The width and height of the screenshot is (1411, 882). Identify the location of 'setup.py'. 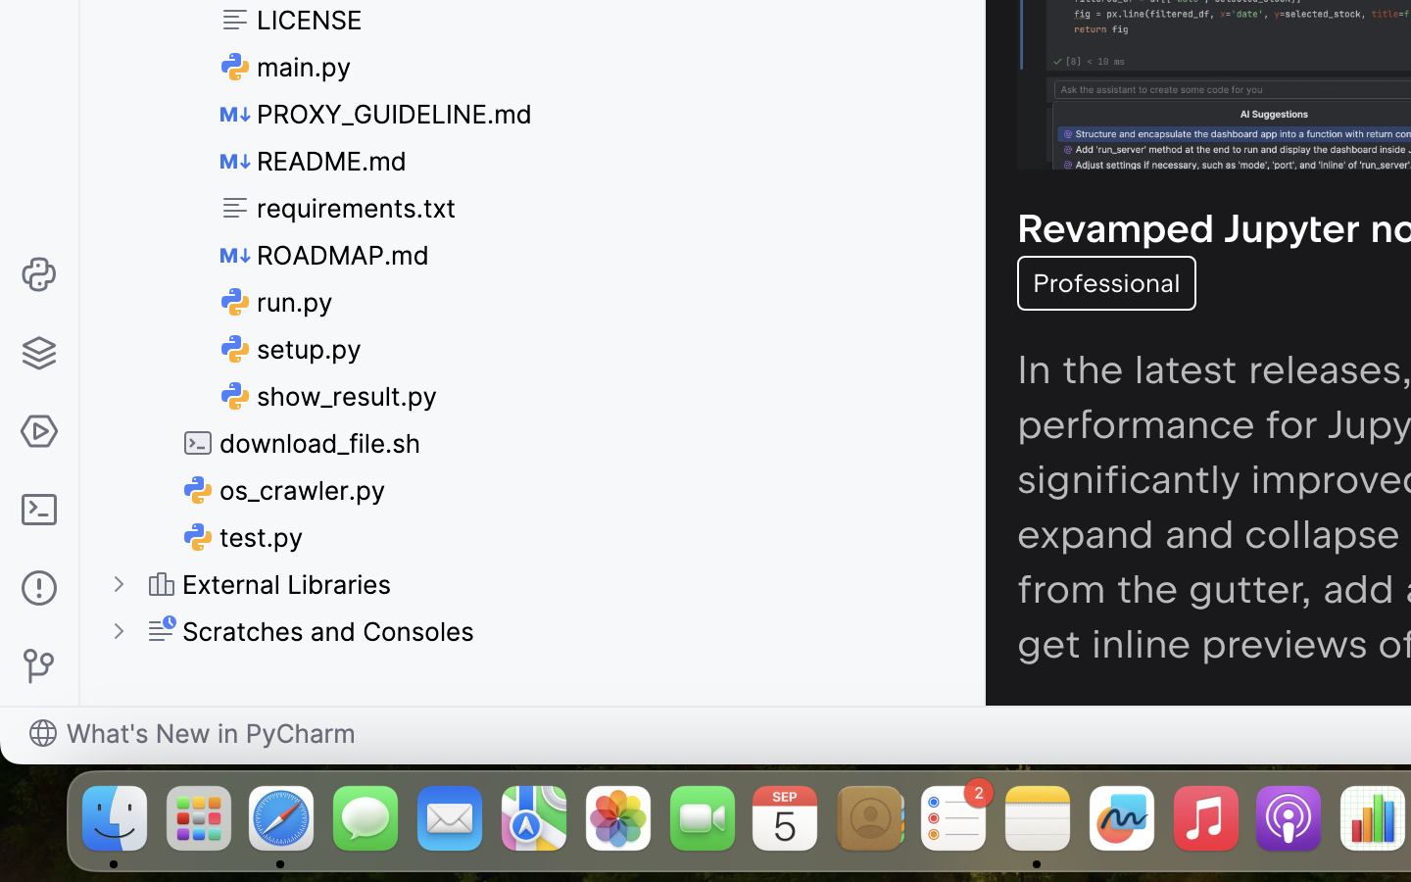
(290, 349).